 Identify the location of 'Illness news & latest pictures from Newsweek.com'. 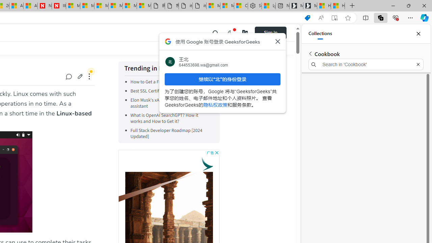
(59, 6).